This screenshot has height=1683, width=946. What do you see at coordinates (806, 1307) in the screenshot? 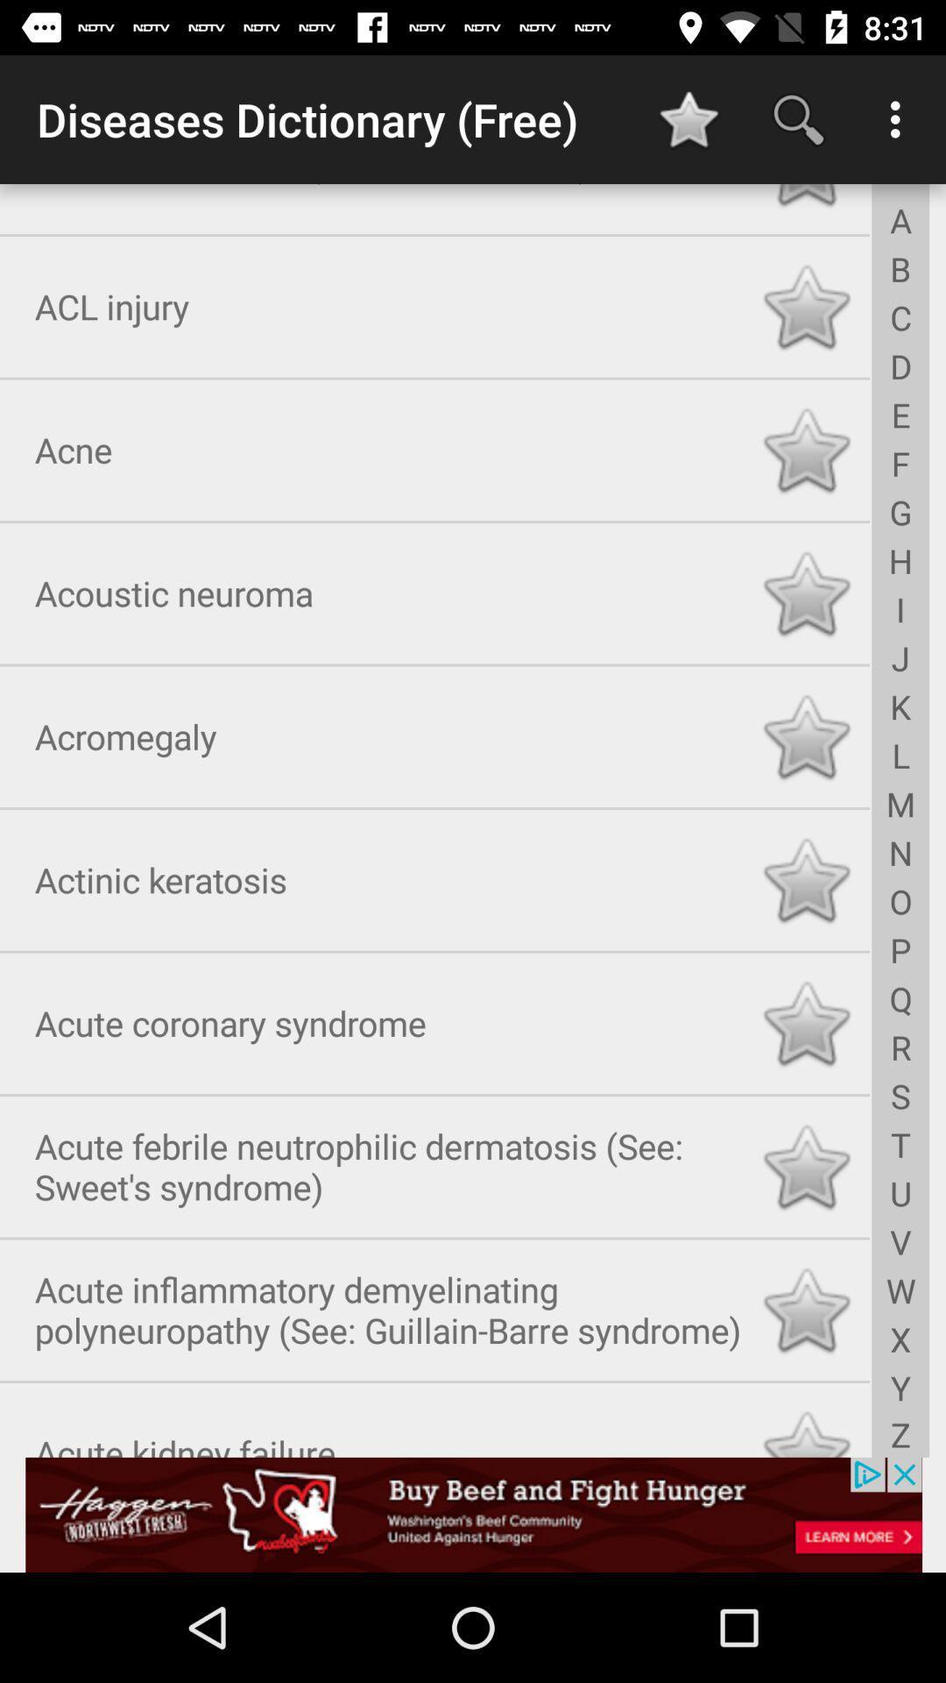
I see `like` at bounding box center [806, 1307].